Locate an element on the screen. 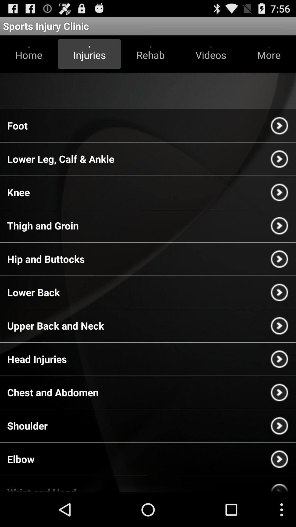  the item to the right of thigh and groin is located at coordinates (279, 226).